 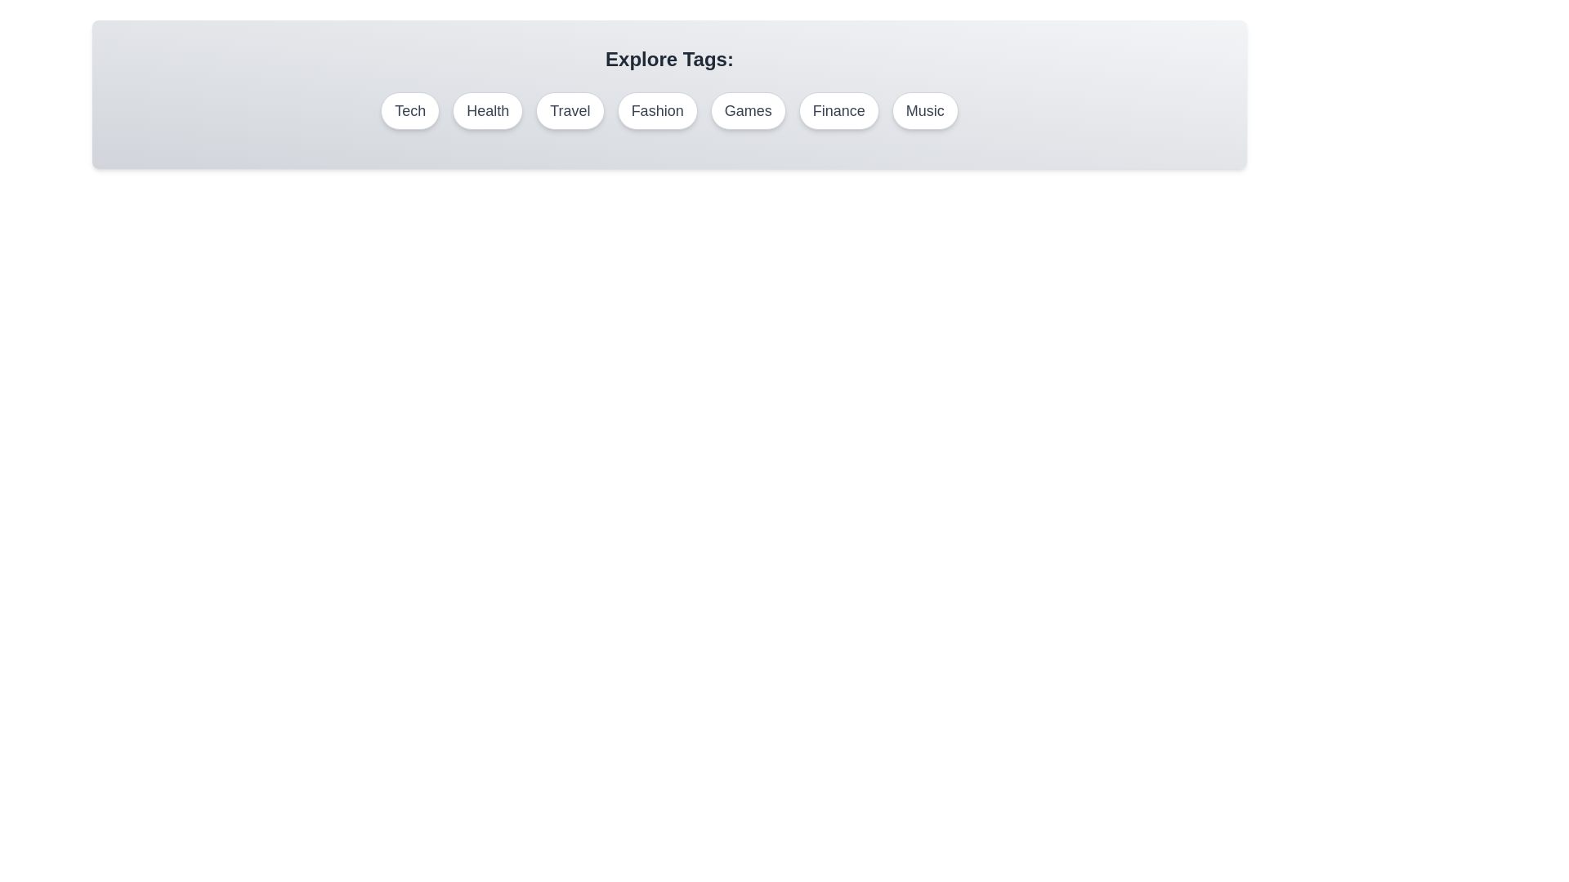 What do you see at coordinates (925, 110) in the screenshot?
I see `the tag labeled Music to select it` at bounding box center [925, 110].